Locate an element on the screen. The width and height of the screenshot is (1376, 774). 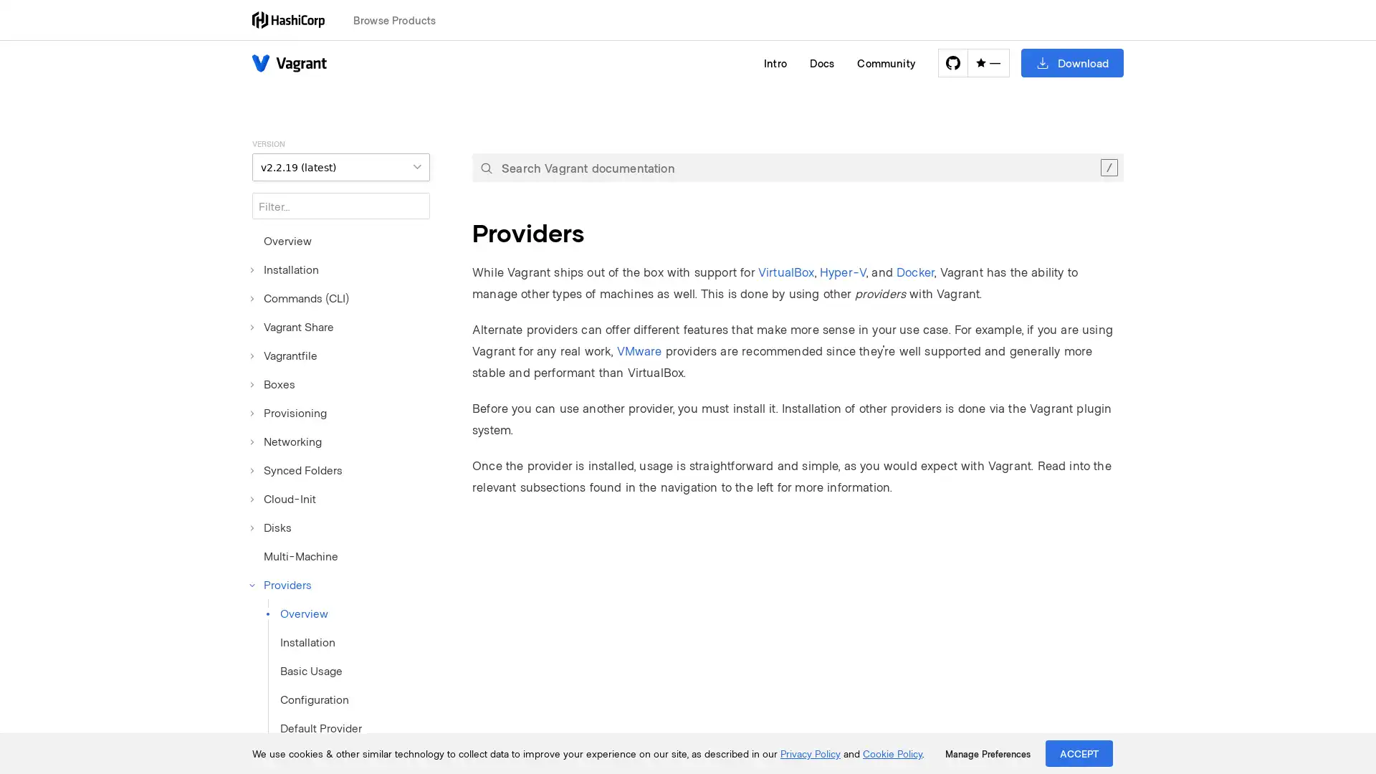
Manage Preferences is located at coordinates (987, 753).